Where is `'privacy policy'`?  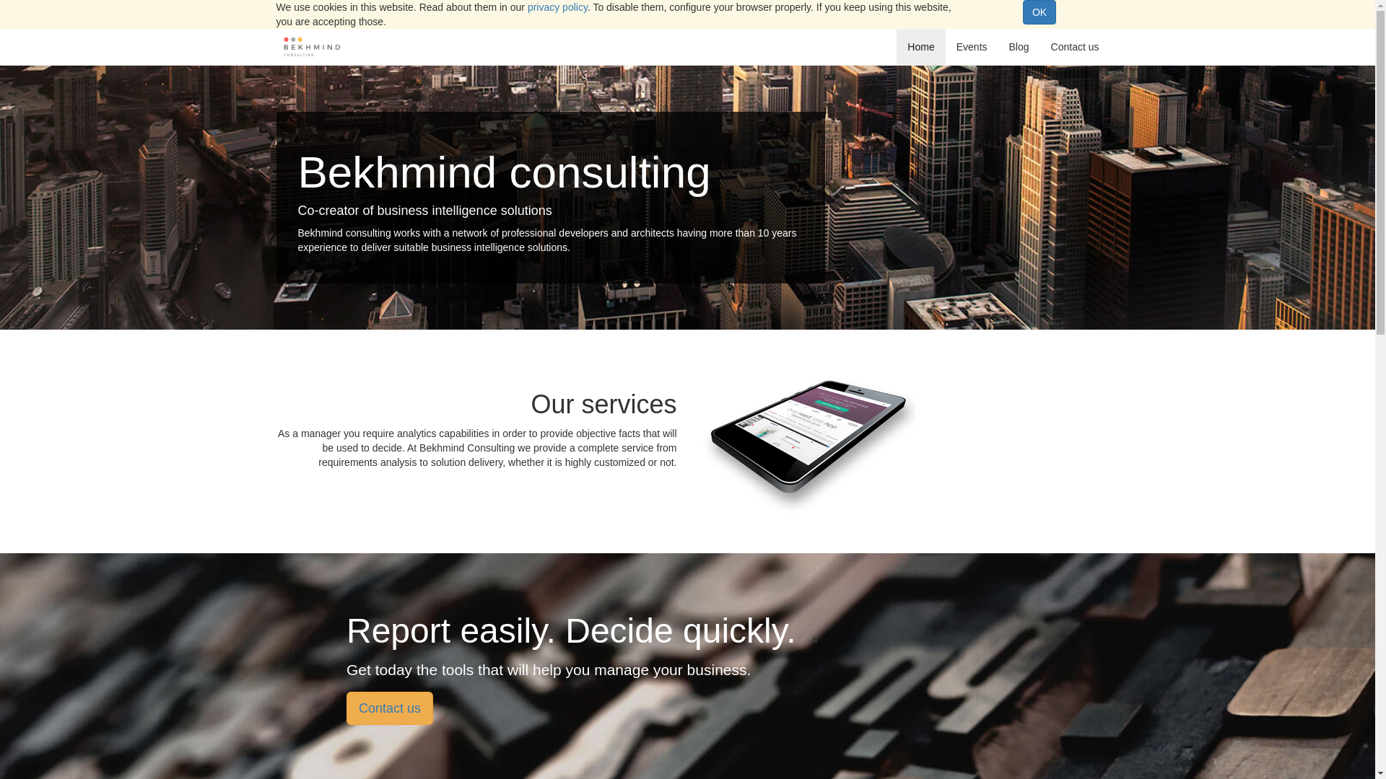 'privacy policy' is located at coordinates (557, 7).